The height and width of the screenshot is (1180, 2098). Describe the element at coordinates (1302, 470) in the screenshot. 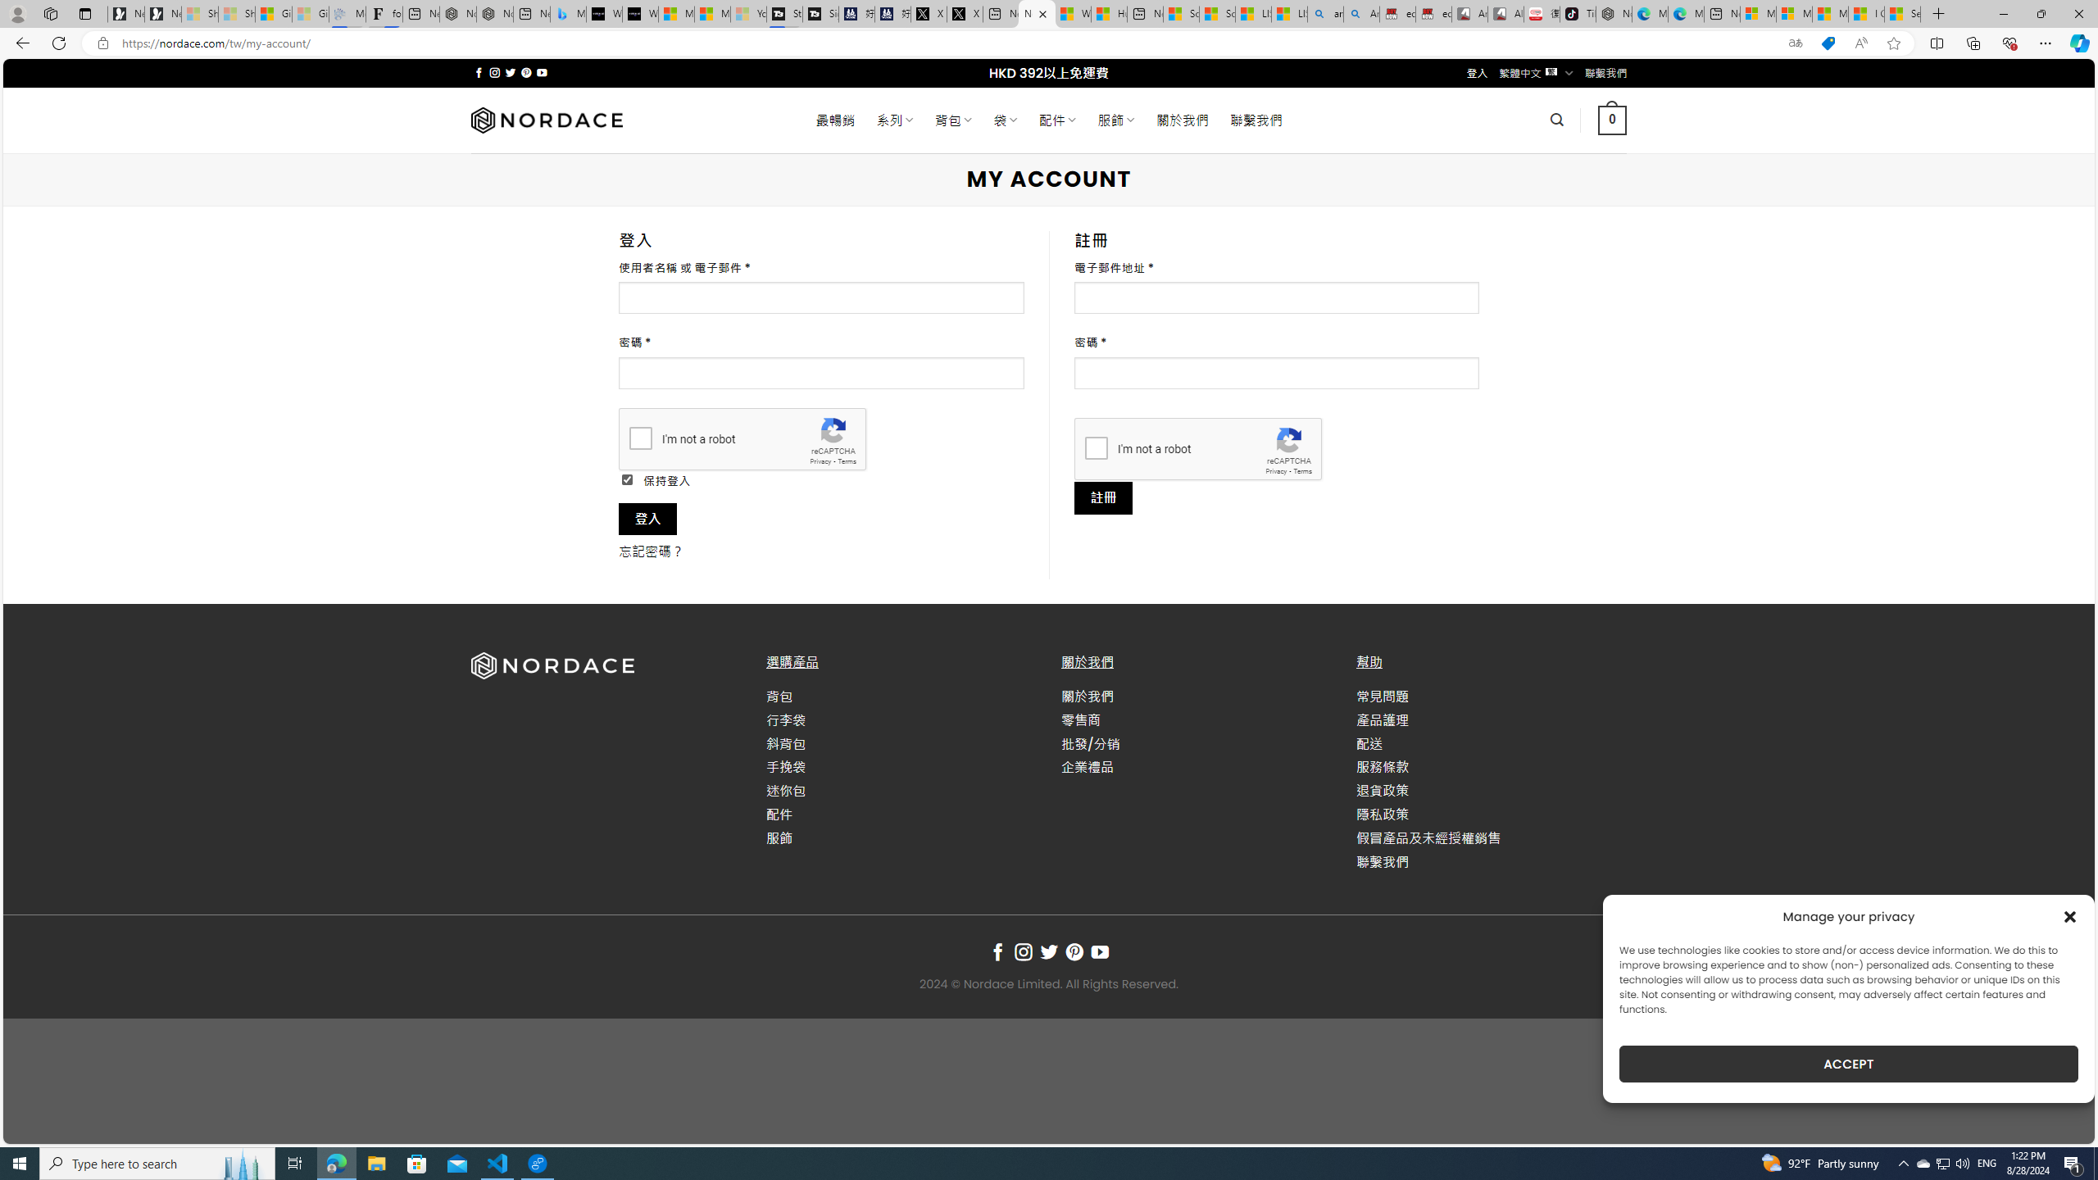

I see `'Terms'` at that location.